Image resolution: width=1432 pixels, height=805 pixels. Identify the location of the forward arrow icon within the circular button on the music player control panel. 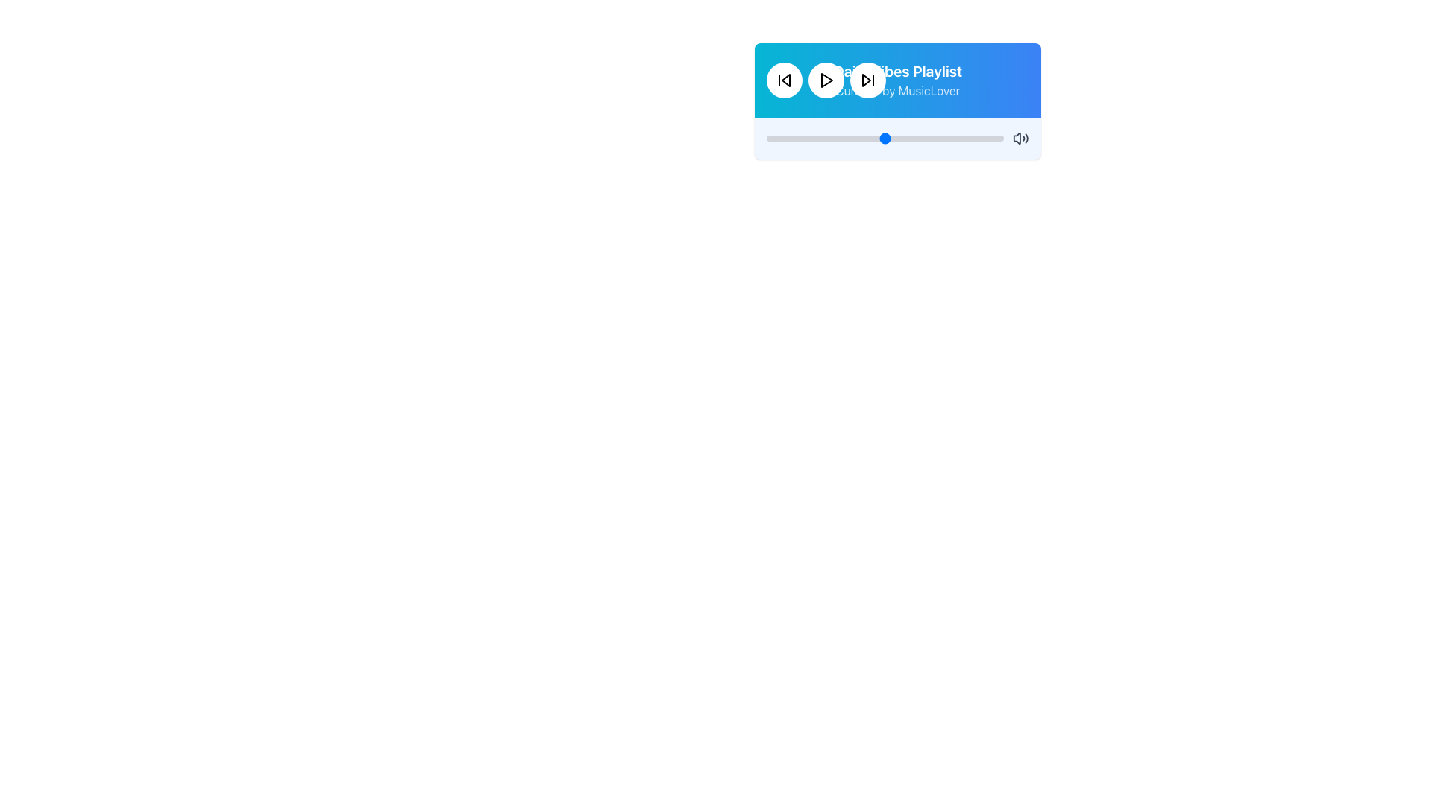
(866, 80).